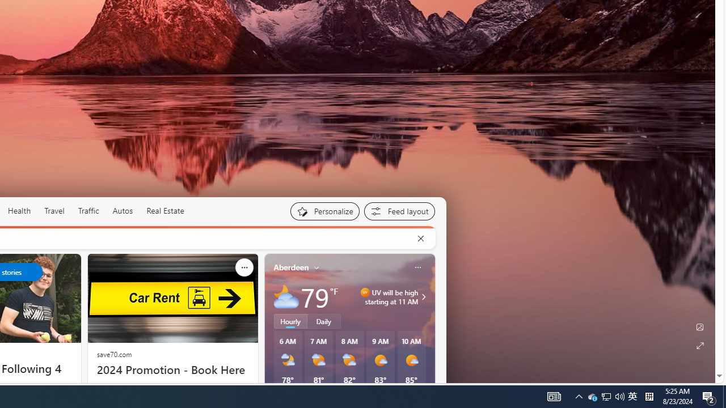 The width and height of the screenshot is (726, 408). I want to click on 'My location', so click(316, 267).